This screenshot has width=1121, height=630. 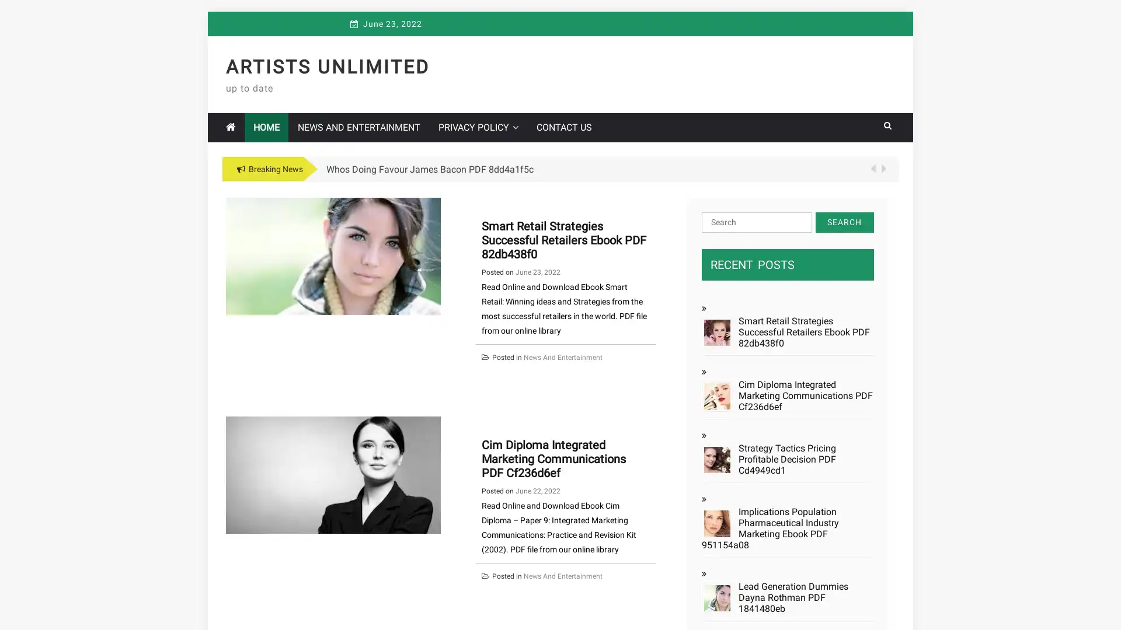 I want to click on Search, so click(x=844, y=222).